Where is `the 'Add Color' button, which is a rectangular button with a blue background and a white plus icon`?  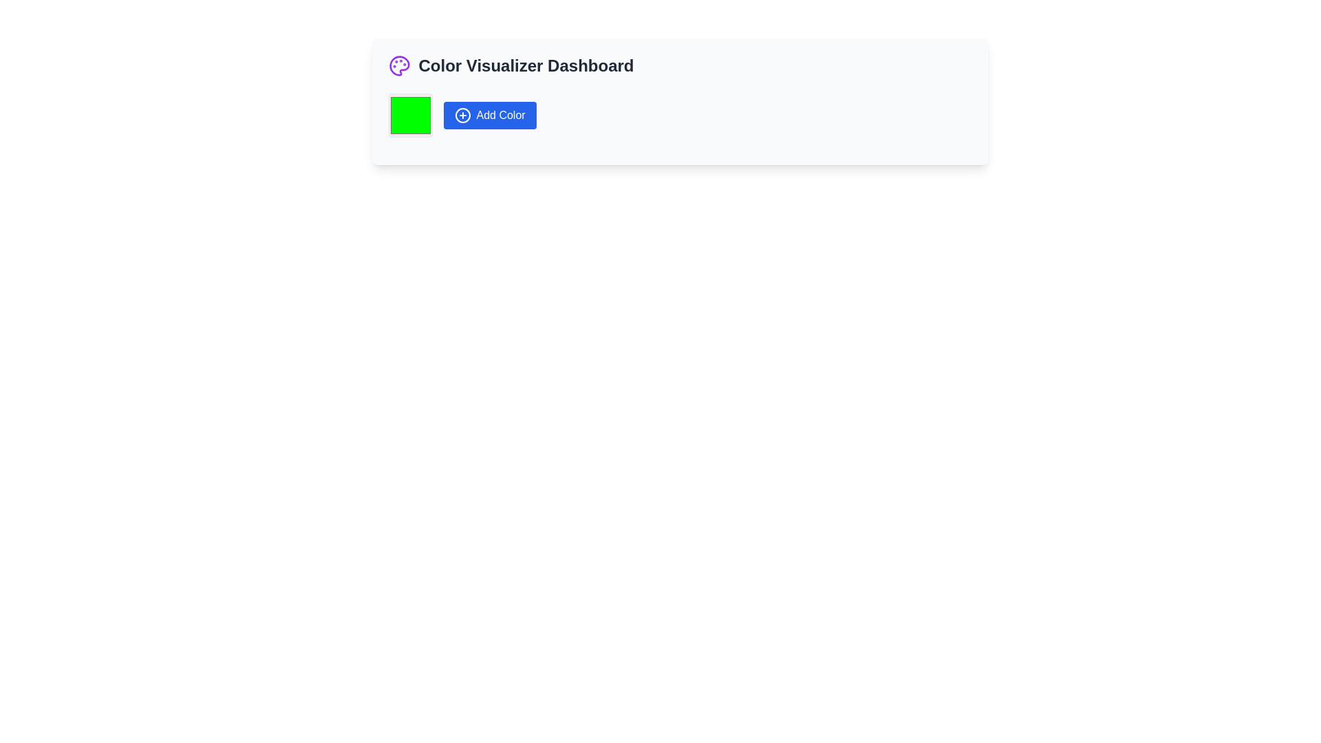 the 'Add Color' button, which is a rectangular button with a blue background and a white plus icon is located at coordinates (490, 115).